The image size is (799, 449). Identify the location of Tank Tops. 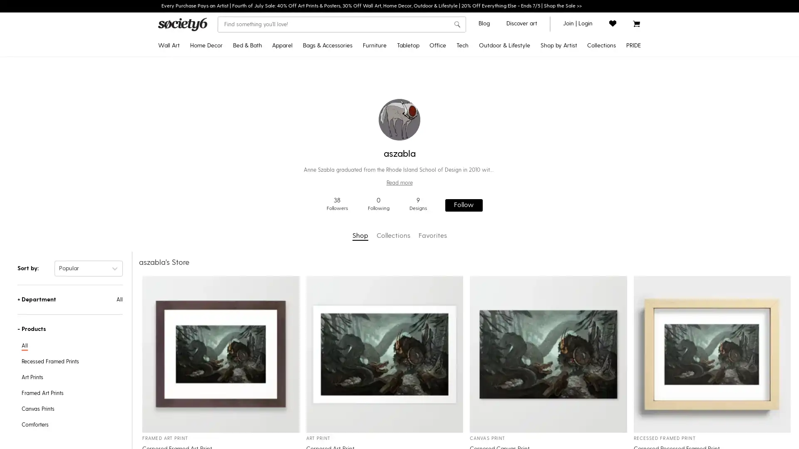
(308, 147).